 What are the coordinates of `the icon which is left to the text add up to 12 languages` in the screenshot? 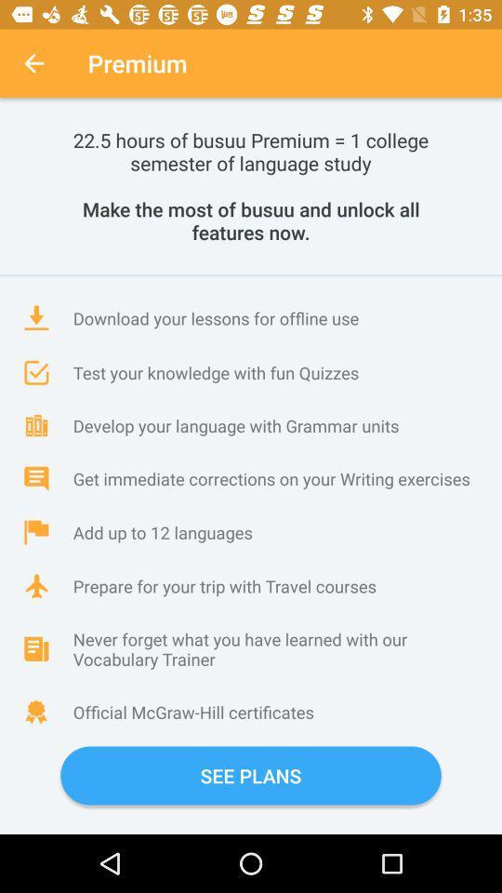 It's located at (36, 533).